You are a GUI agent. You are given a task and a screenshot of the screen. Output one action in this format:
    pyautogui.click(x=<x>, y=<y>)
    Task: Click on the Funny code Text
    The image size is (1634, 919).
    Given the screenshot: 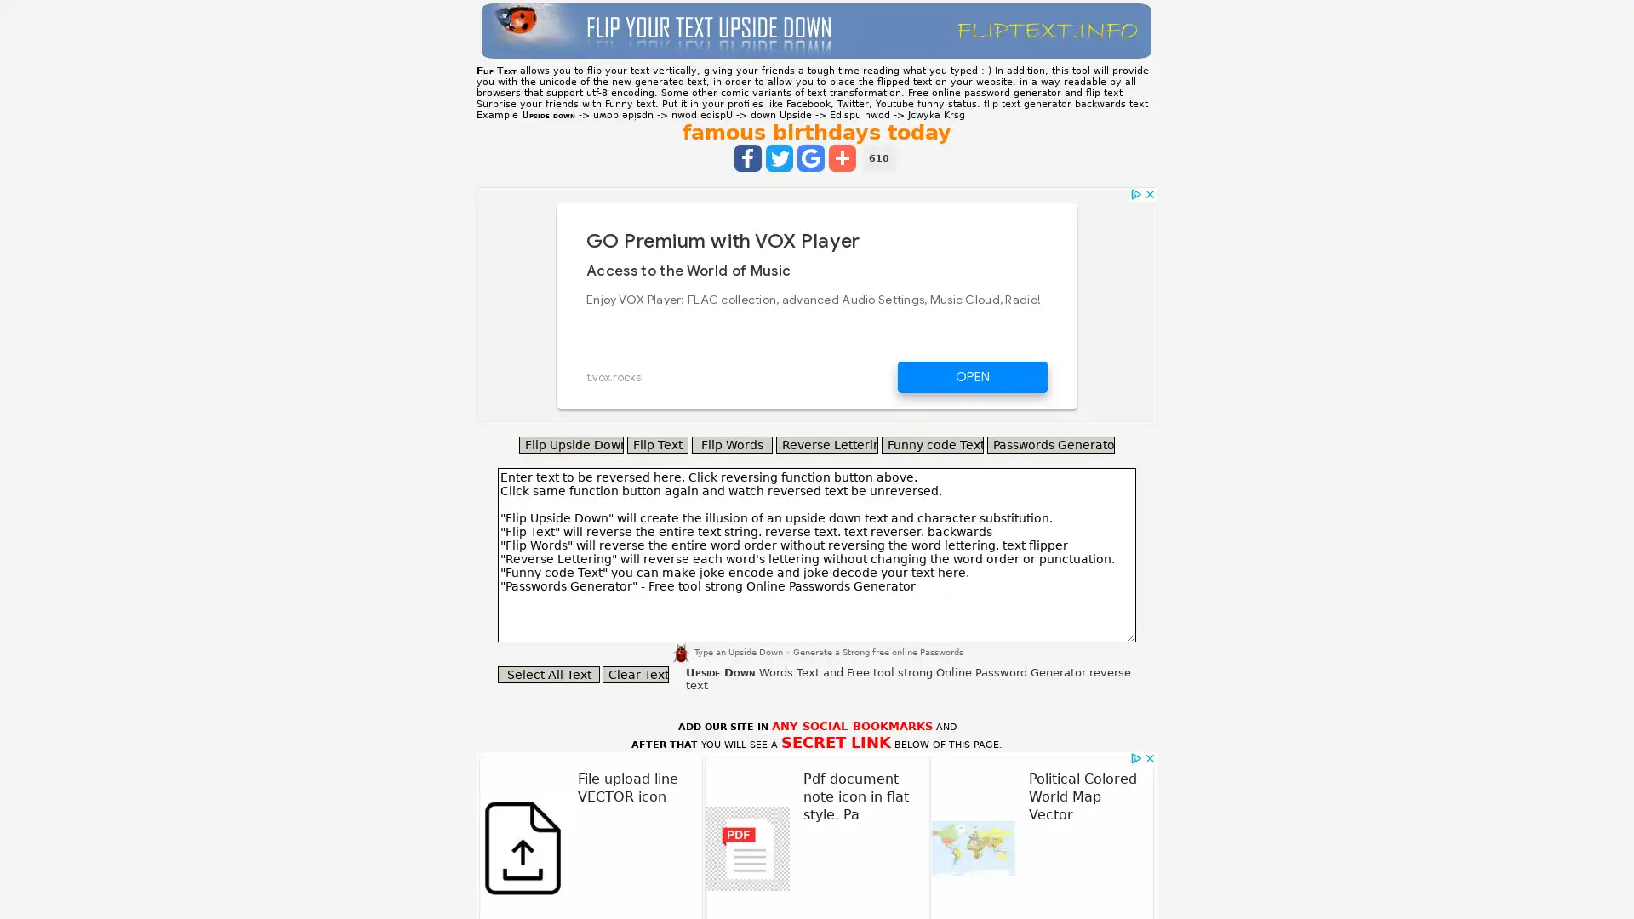 What is the action you would take?
    pyautogui.click(x=931, y=444)
    